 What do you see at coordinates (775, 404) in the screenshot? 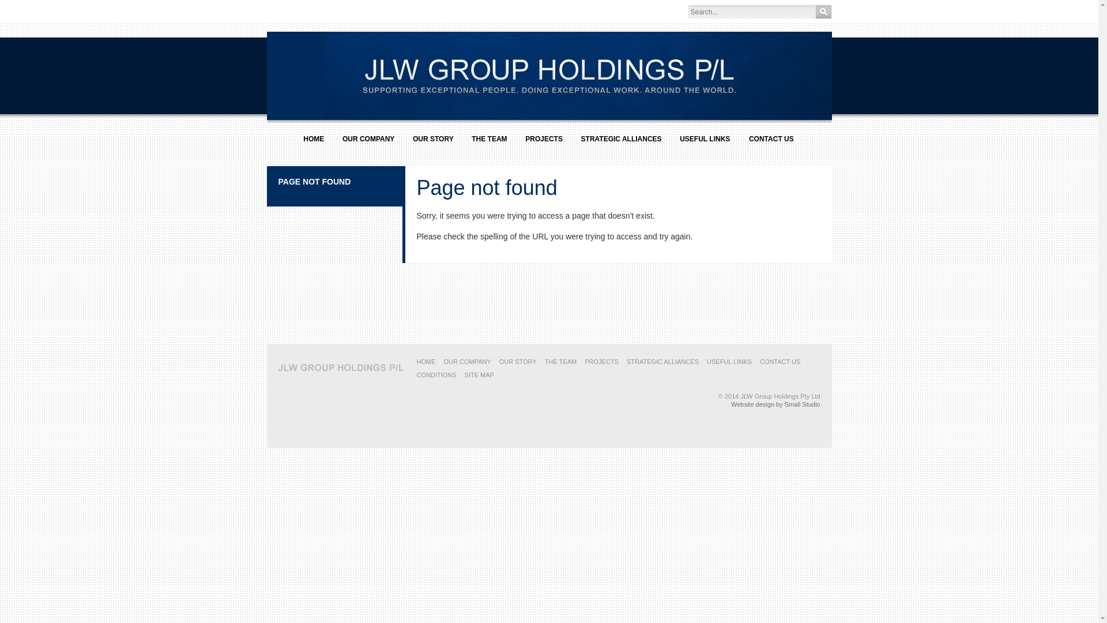
I see `'Website design by Small Studio'` at bounding box center [775, 404].